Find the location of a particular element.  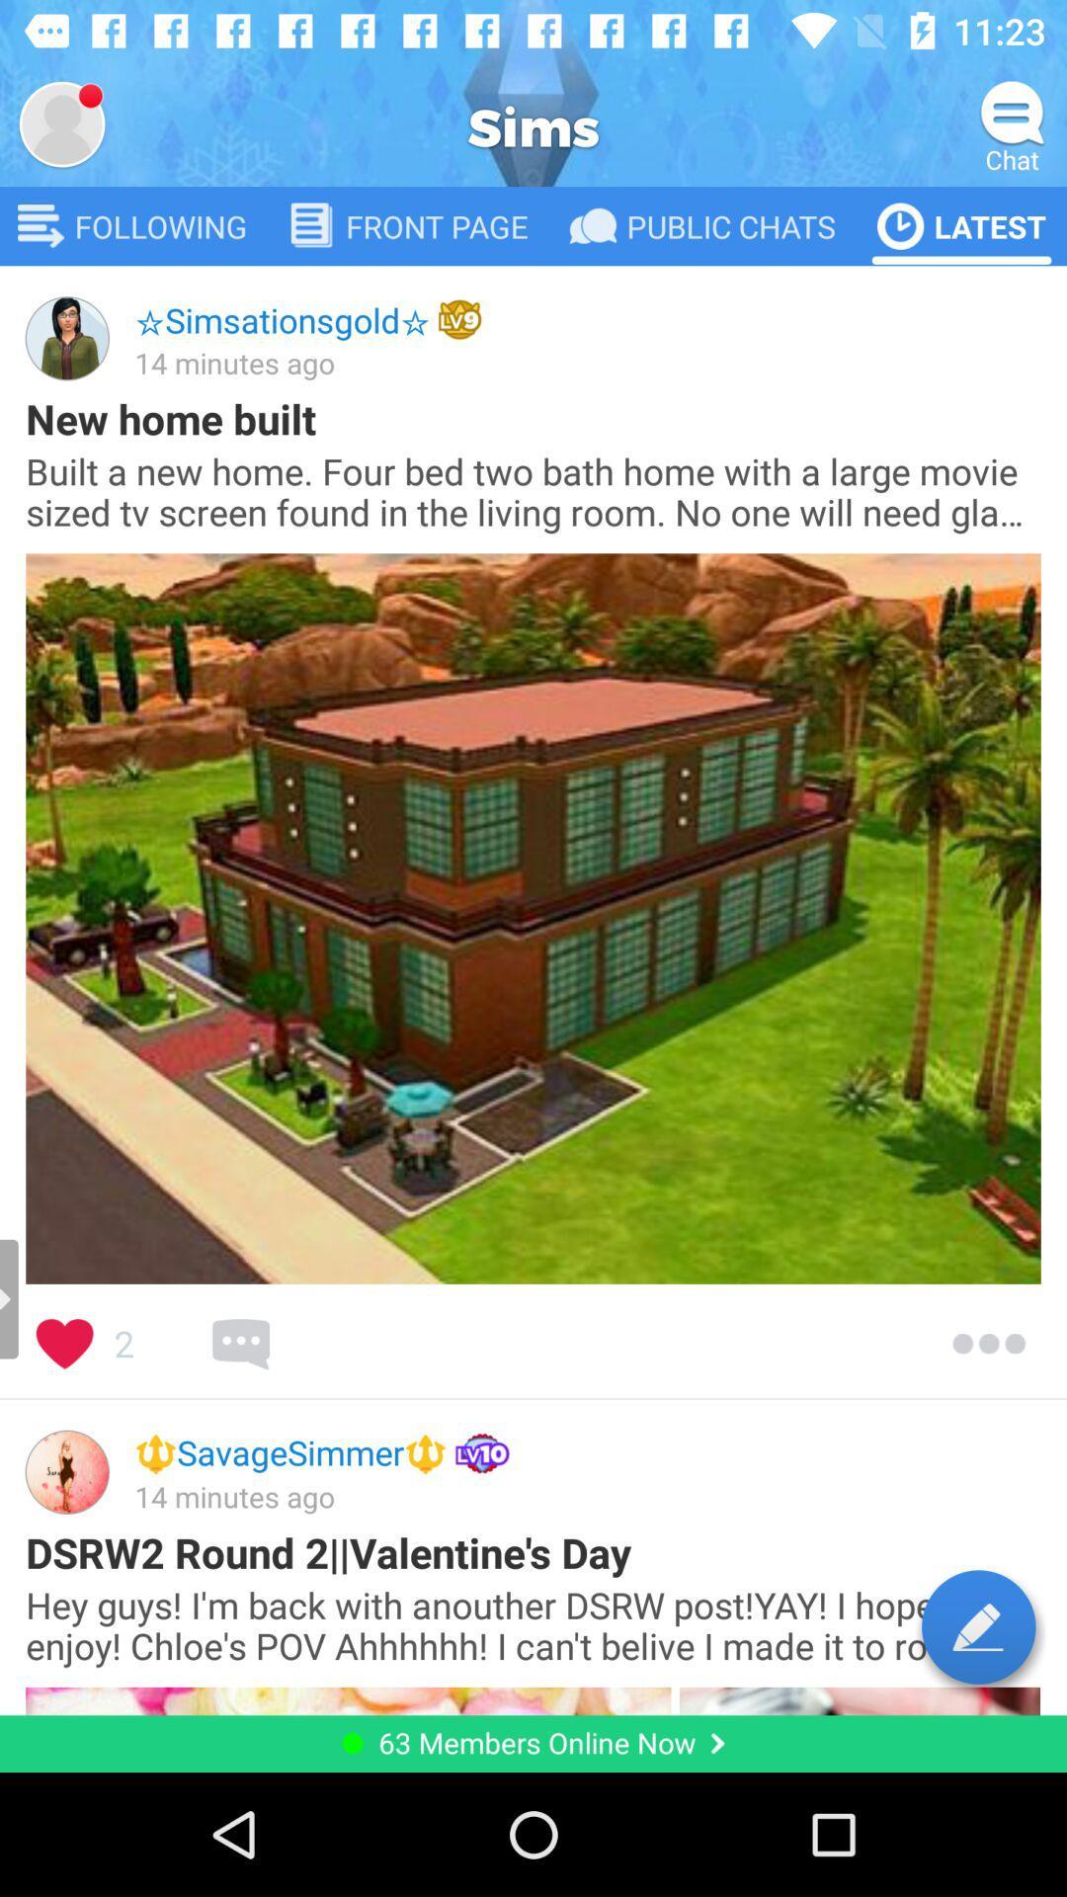

edit post is located at coordinates (978, 1626).